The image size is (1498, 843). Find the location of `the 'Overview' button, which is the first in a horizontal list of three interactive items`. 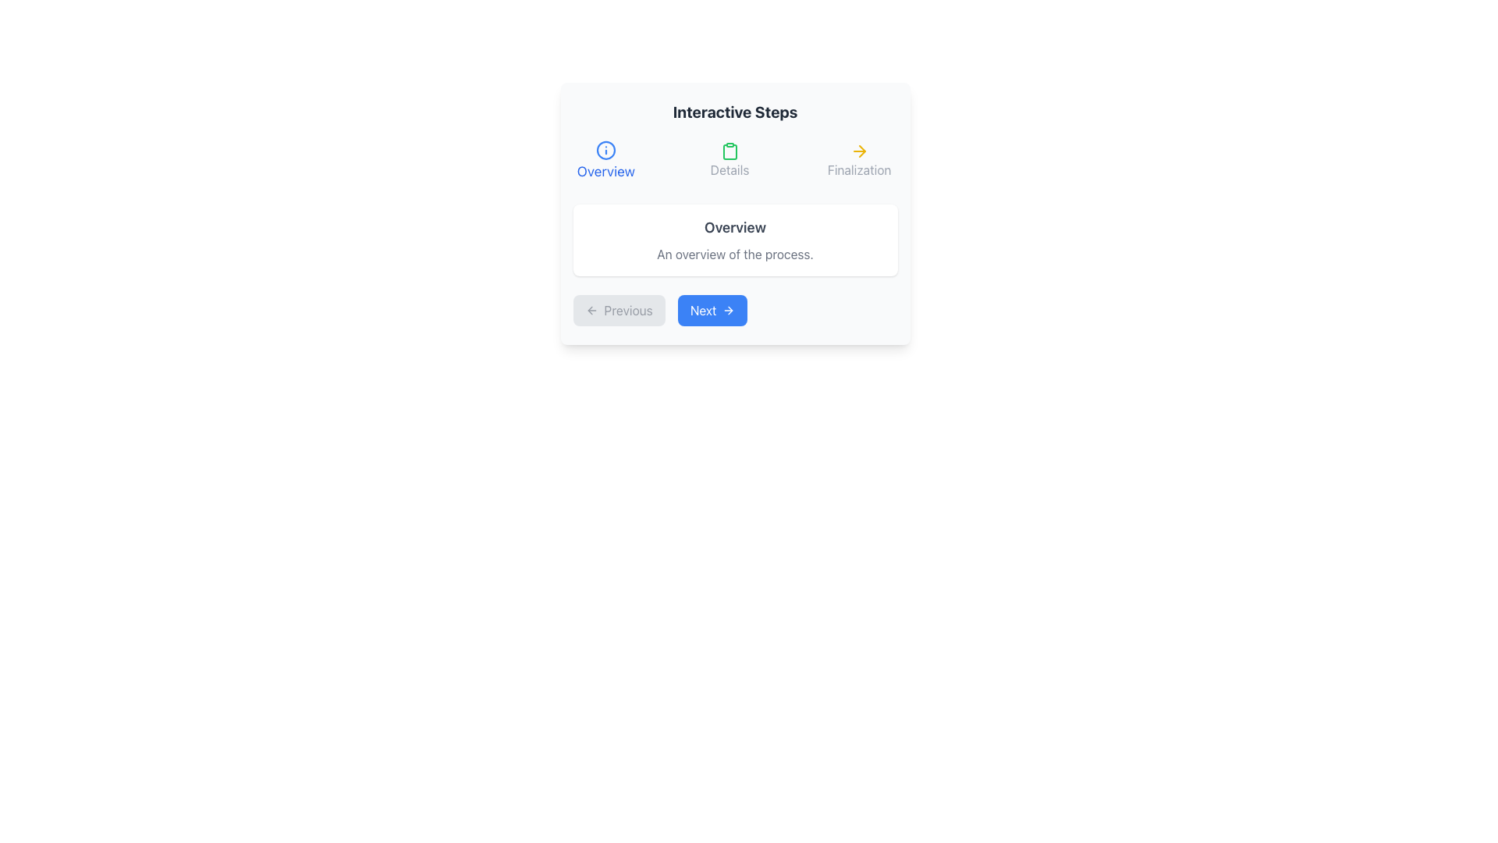

the 'Overview' button, which is the first in a horizontal list of three interactive items is located at coordinates (605, 160).